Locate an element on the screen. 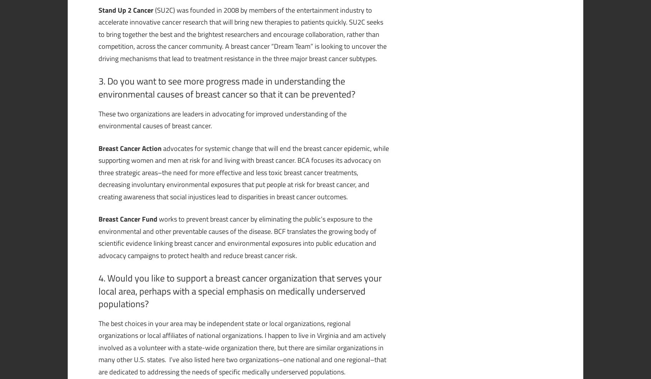 This screenshot has width=651, height=379. '(SU2C) was founded in 2008 by members of the entertainment industry to accelerate innovative cancer research that will bring new therapies to patients quickly. SU2C seeks to bring together the best and the brightest researchers and encourage collaboration, rather than competition, across the cancer community. A breast cancer “Dream Team” is looking to uncover the driving mechanisms that lead to treatment resistance in the three major breast cancer subtypes.' is located at coordinates (242, 34).